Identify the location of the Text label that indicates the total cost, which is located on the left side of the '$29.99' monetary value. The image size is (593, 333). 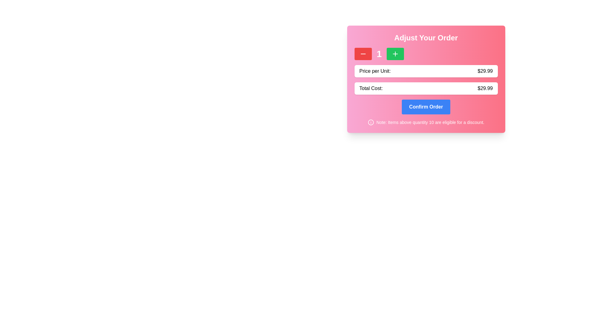
(371, 88).